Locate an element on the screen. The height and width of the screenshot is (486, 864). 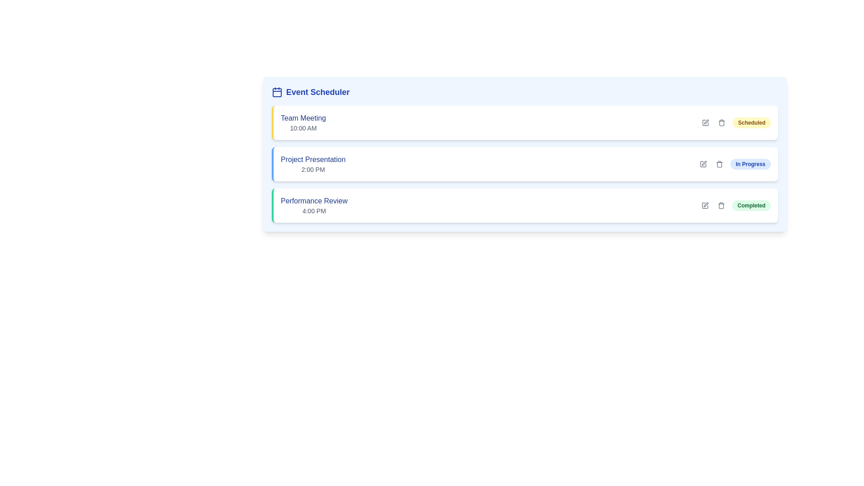
the static text displaying the scheduled time for the 'Performance Review' event, located below the 'Performance Review' text in the 'Event Scheduler' section of the third event card is located at coordinates (314, 211).